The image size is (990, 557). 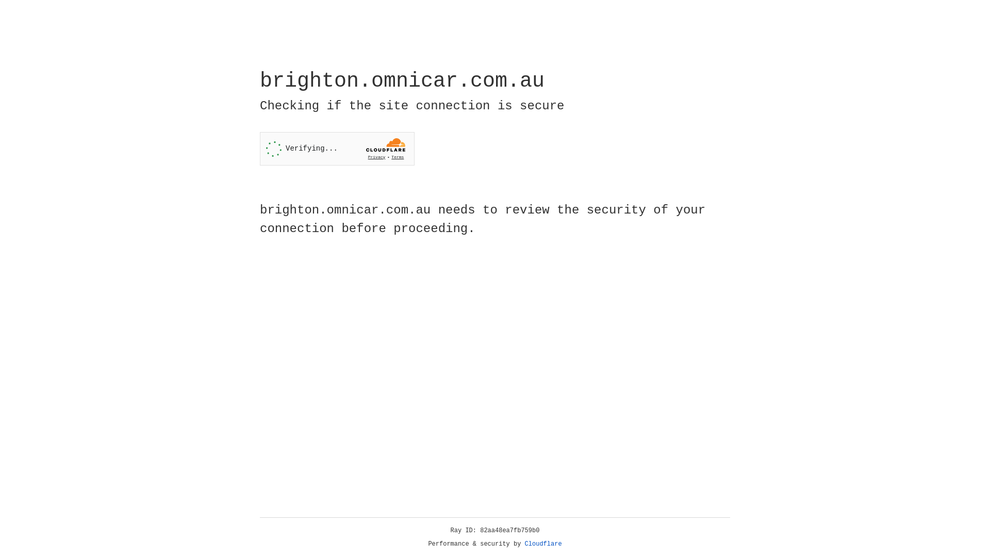 I want to click on 'Widget containing a Cloudflare security challenge', so click(x=337, y=149).